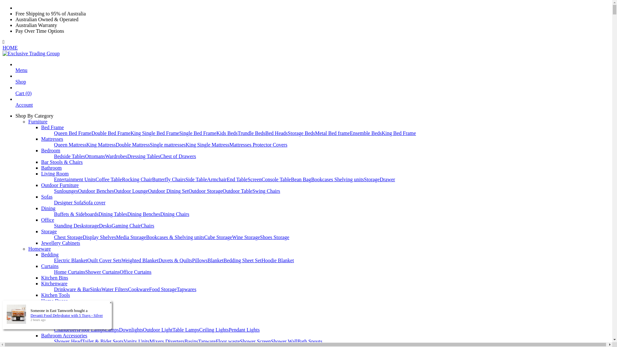 The height and width of the screenshot is (347, 617). I want to click on 'Curtains', so click(49, 266).